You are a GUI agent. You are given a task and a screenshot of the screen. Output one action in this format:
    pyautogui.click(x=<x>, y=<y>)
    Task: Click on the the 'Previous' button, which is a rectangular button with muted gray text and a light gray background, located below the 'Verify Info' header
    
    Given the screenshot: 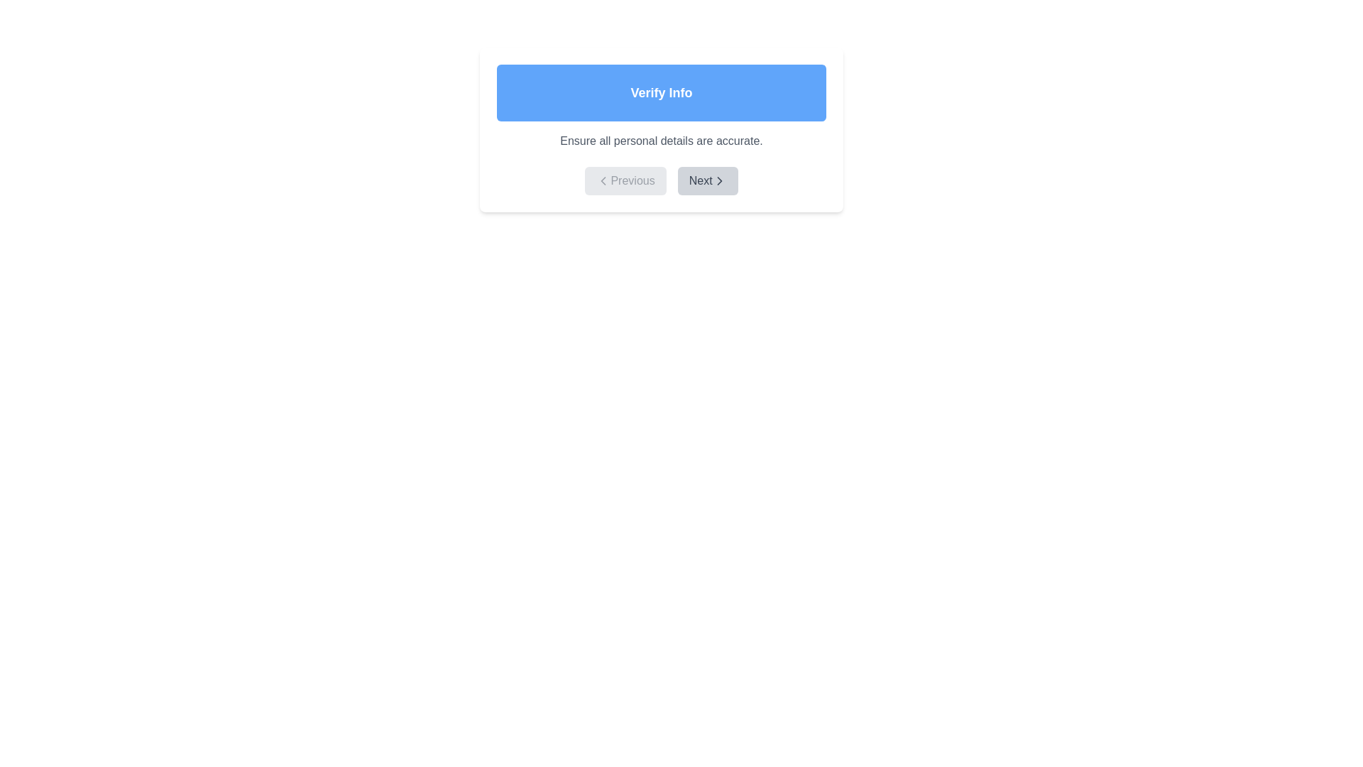 What is the action you would take?
    pyautogui.click(x=625, y=180)
    